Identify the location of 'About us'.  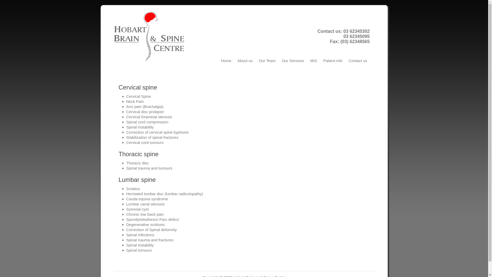
(245, 60).